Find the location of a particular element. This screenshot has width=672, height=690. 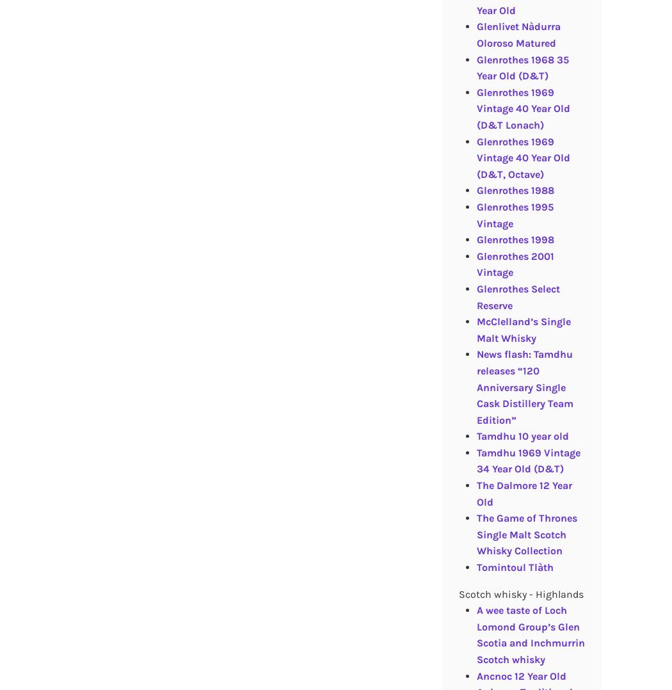

'A wee taste of Loch Lomond Group’s Glen Scotia and Inchmurrin Scotch whisky' is located at coordinates (530, 634).